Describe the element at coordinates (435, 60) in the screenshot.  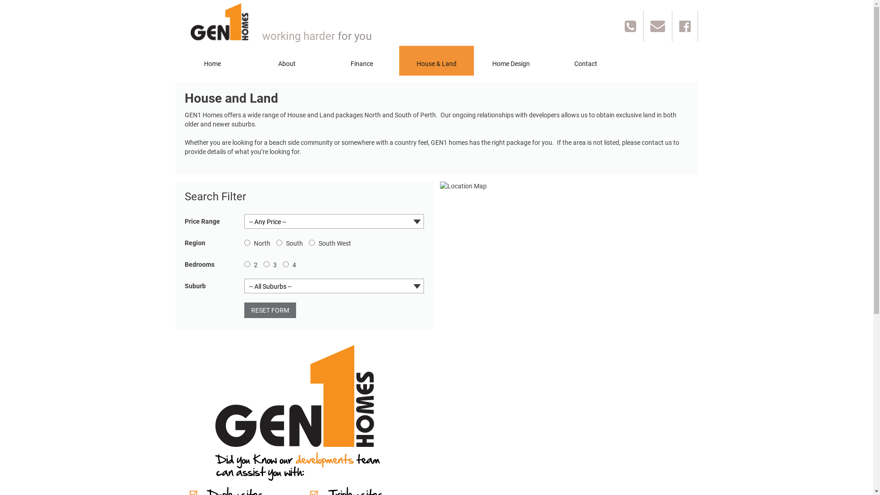
I see `'House & Land'` at that location.